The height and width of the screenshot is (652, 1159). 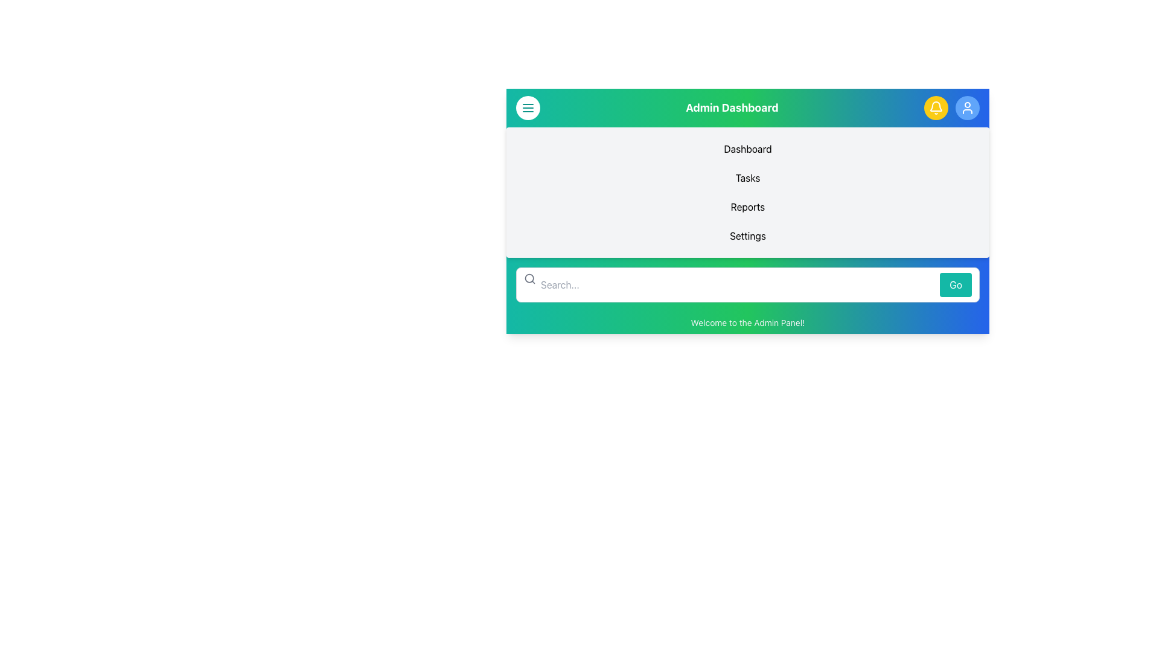 What do you see at coordinates (732, 107) in the screenshot?
I see `the Admin Dashboard title text label located in the center of the header section between the menu icon and notification/user icons` at bounding box center [732, 107].